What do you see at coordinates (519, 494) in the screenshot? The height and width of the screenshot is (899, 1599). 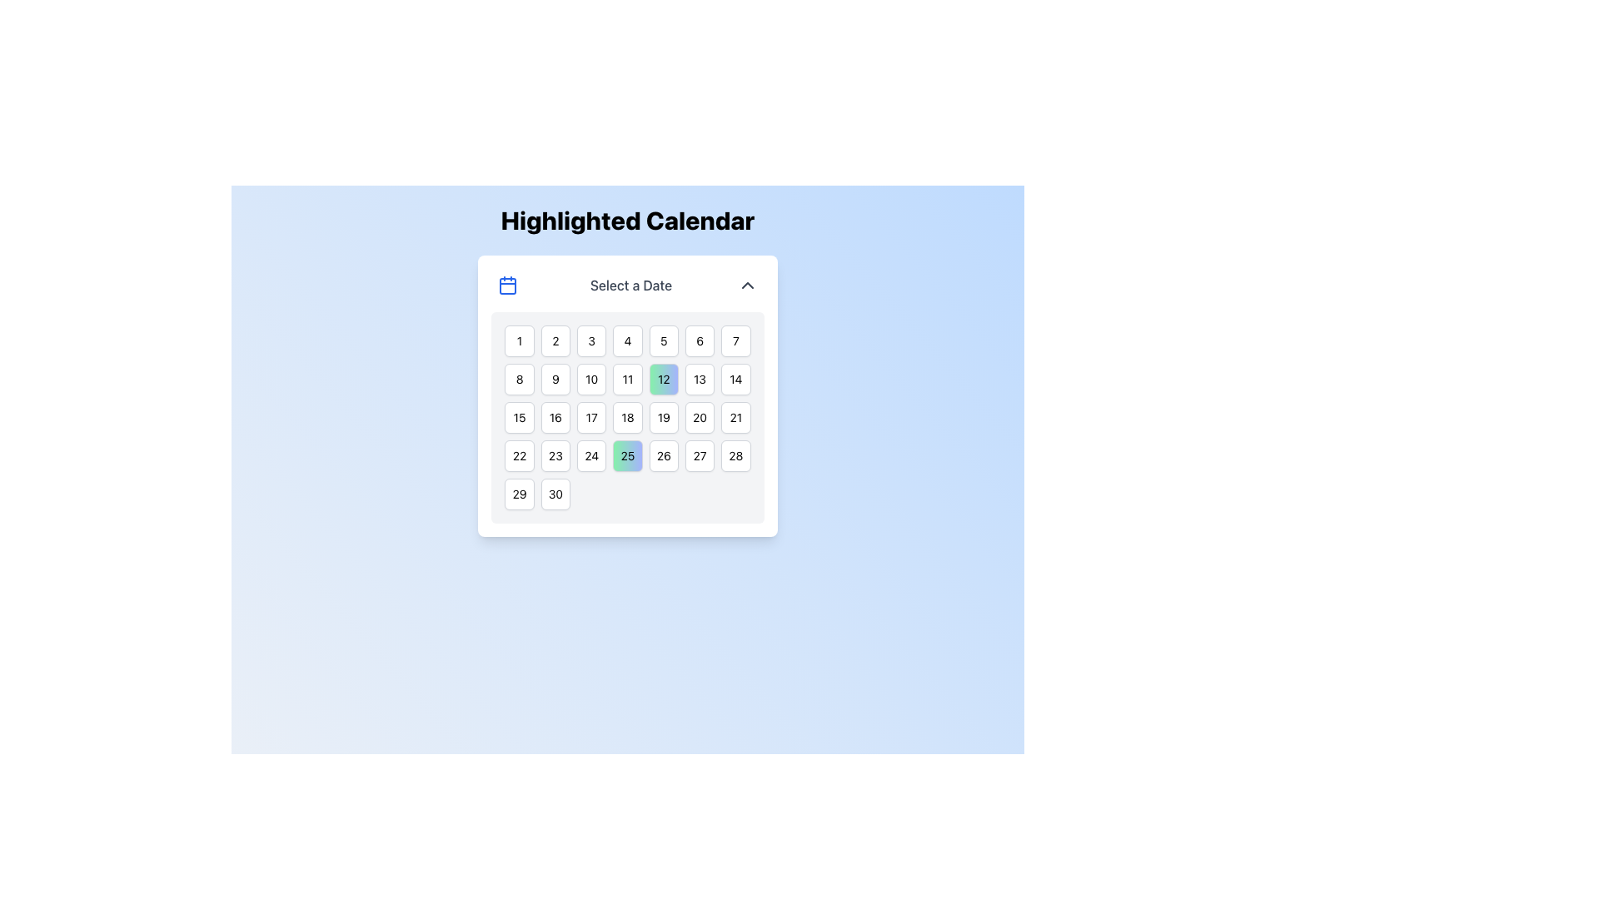 I see `the rectangular button labeled '29' with rounded corners in the 6th row and 1st column of the calendar grid` at bounding box center [519, 494].